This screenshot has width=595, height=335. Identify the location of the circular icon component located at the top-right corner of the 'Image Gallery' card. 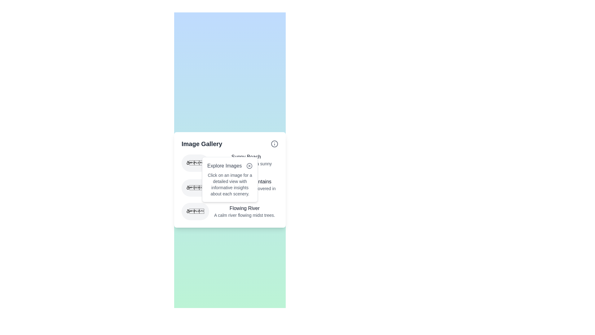
(274, 144).